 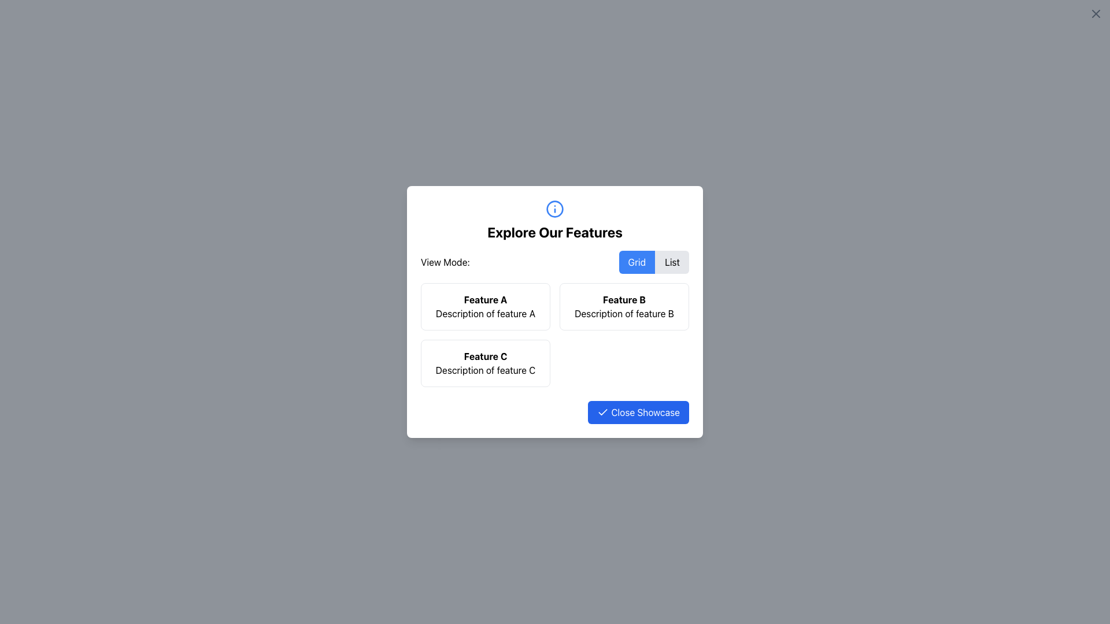 I want to click on the static text label that provides context for the toggle controls, which is located in the upper part of the modal interface to the left of the 'Grid' and 'List' toggle buttons, so click(x=445, y=262).